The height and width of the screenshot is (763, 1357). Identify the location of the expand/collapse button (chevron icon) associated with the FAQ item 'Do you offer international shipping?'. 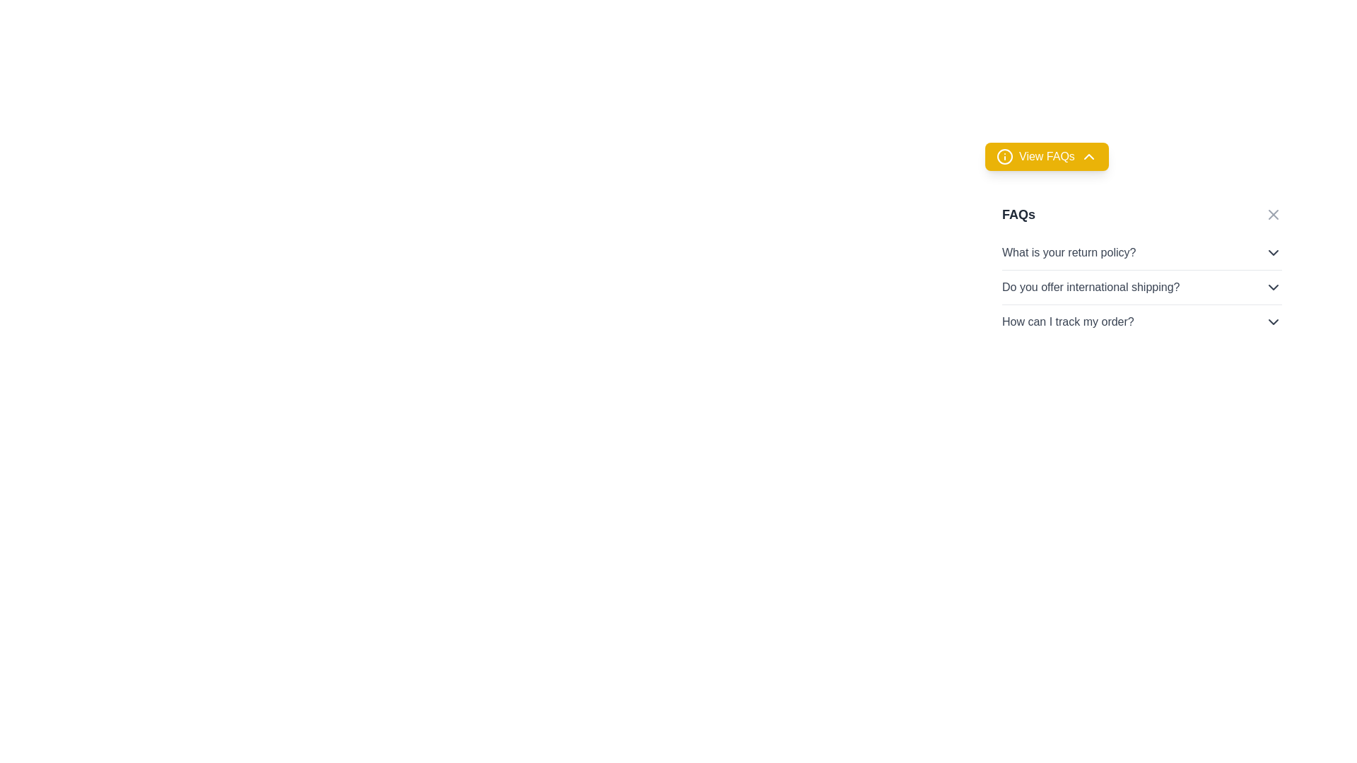
(1273, 287).